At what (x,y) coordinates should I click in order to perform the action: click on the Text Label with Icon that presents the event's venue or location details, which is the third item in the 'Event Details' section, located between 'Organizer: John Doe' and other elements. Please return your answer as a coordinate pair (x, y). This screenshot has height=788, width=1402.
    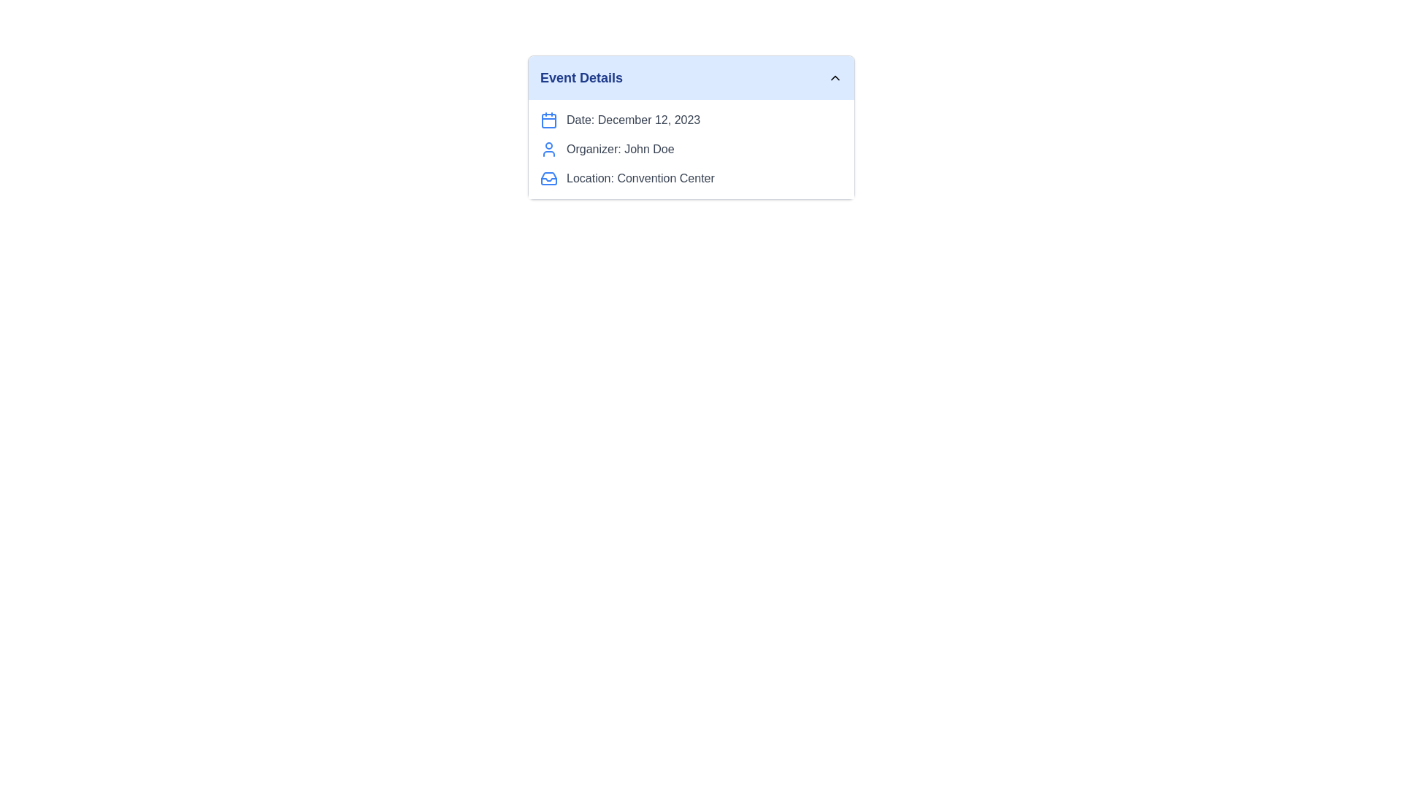
    Looking at the image, I should click on (690, 178).